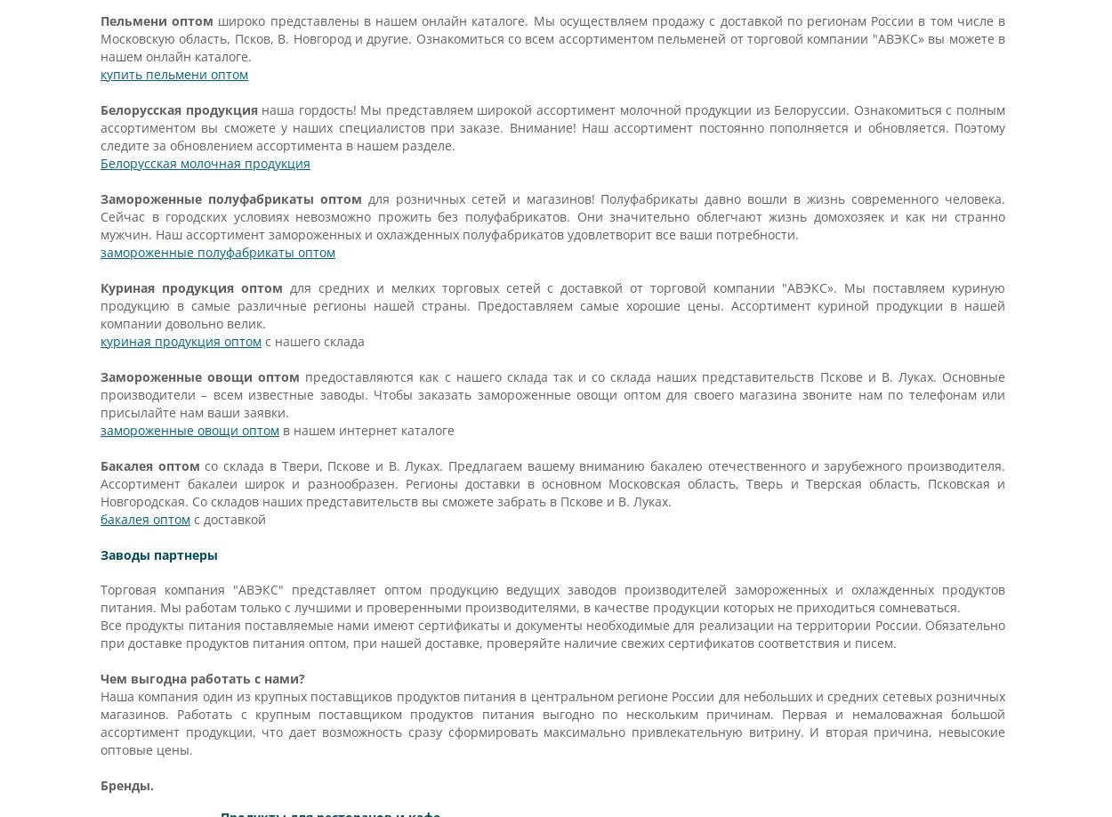 The height and width of the screenshot is (817, 1112). I want to click on 'Все продукты питания поставляемые нами имеют сертификаты и документы необходимые для реализации на территории России. Обязательно при доставке продуктов питания оптом, при нашей доставке, проверяйте наличие свежих сертификатов соответствия и писем.', so click(99, 633).